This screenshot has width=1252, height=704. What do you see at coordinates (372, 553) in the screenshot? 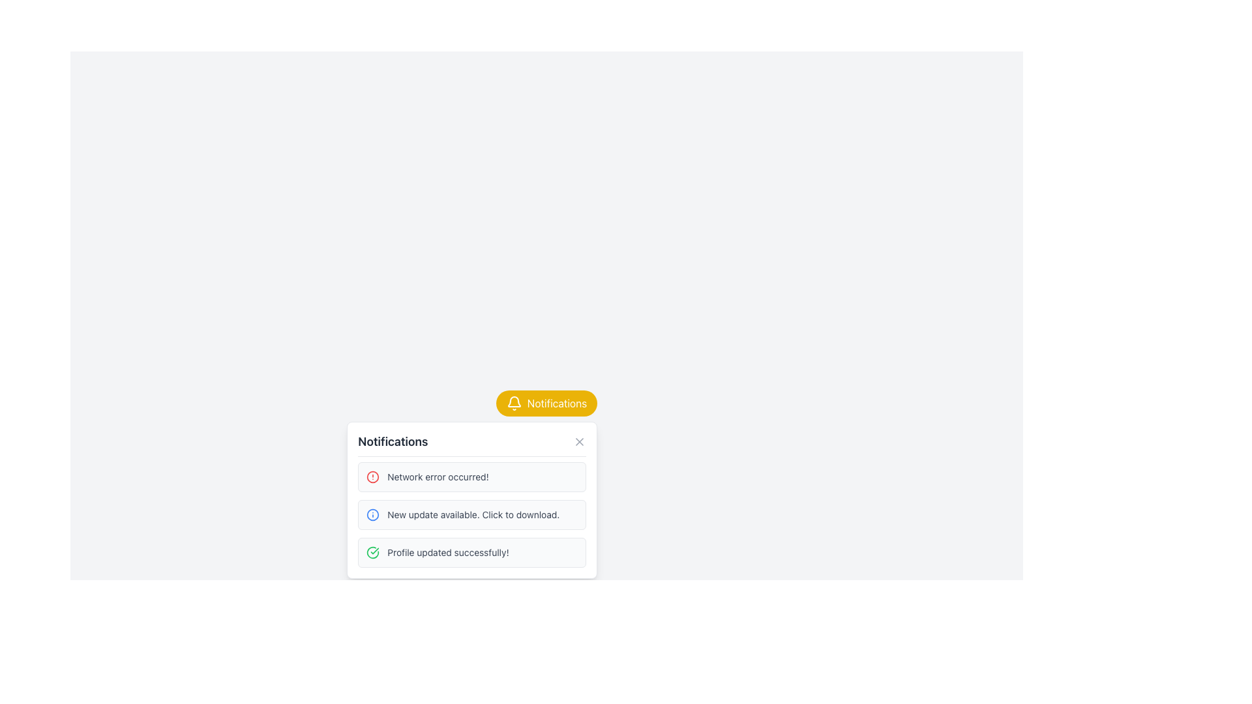
I see `the profile update confirmation icon, which is the leftmost component of the notifications list preceding the text 'Profile updated successfully!'` at bounding box center [372, 553].